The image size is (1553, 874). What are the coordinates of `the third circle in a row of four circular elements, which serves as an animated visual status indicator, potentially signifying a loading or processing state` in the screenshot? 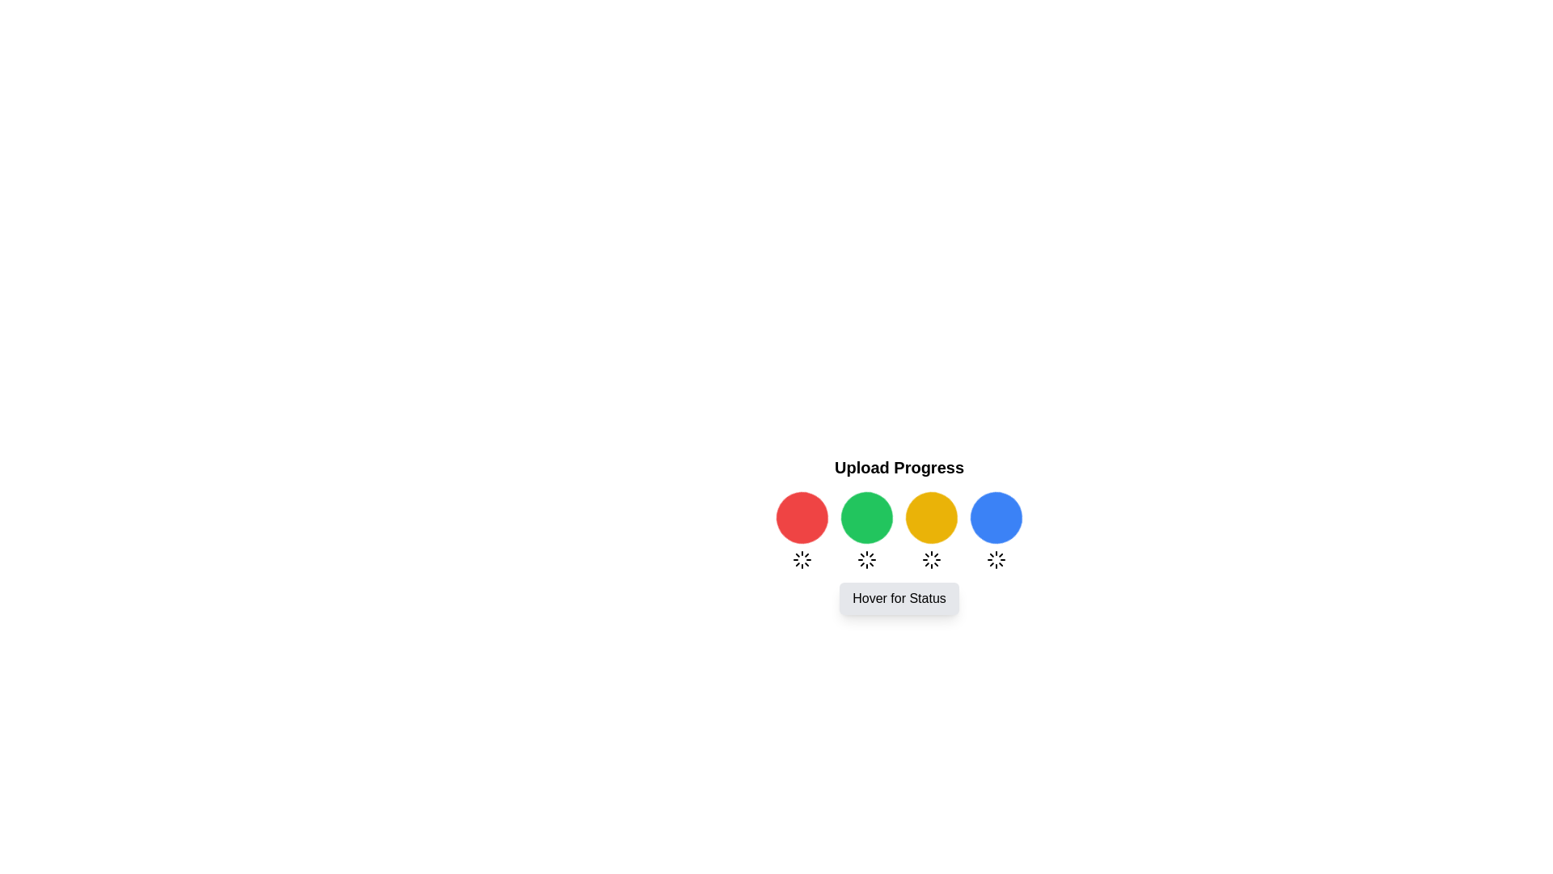 It's located at (932, 518).